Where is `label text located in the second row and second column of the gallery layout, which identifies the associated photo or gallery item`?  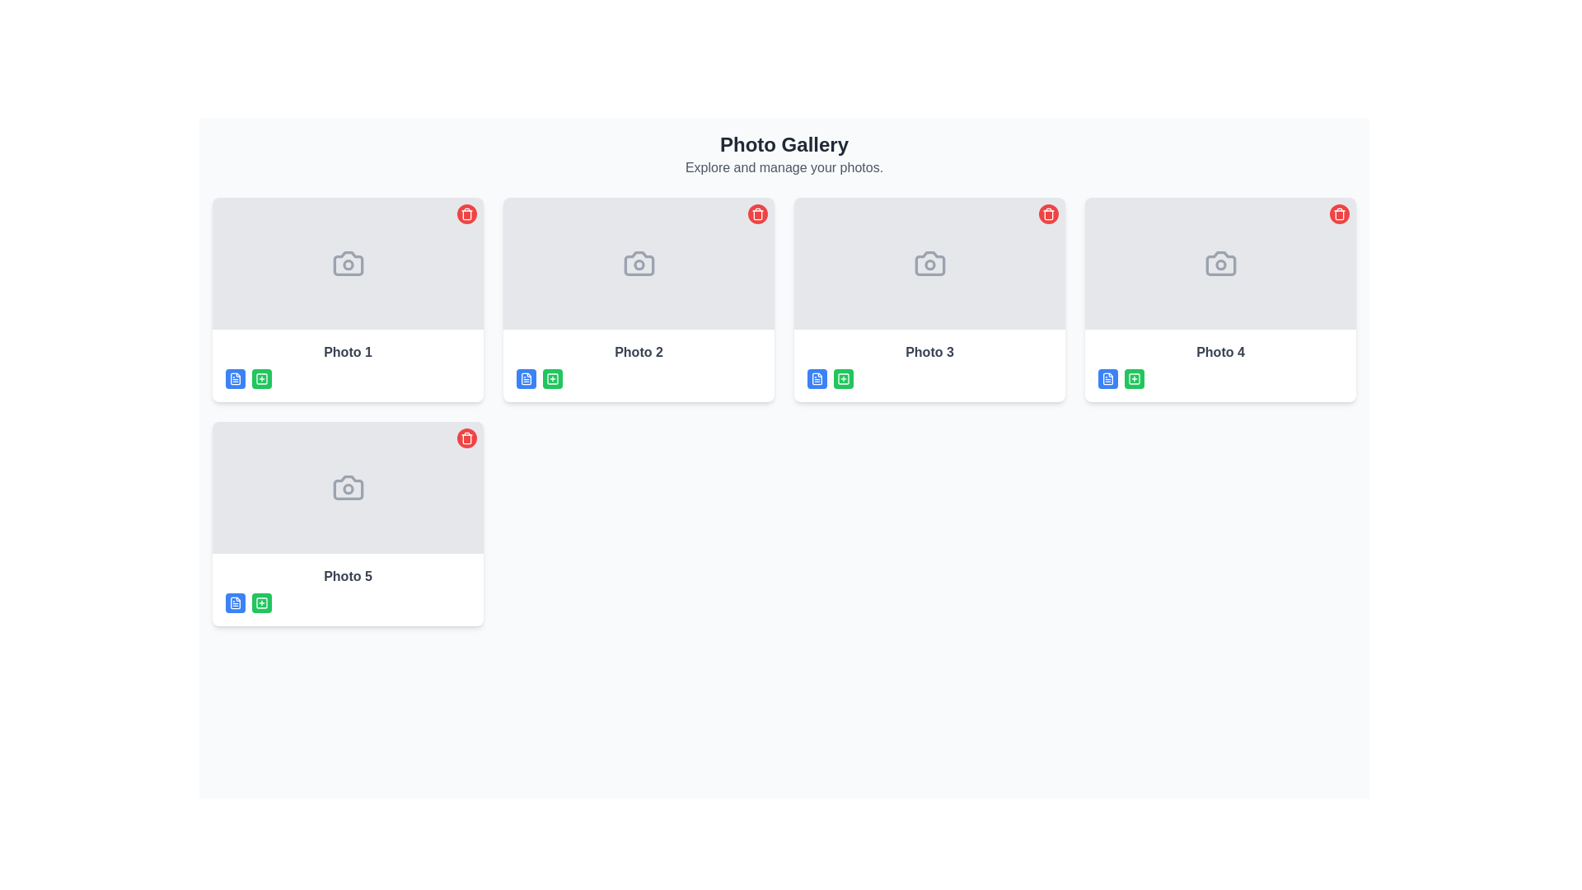
label text located in the second row and second column of the gallery layout, which identifies the associated photo or gallery item is located at coordinates (1220, 352).